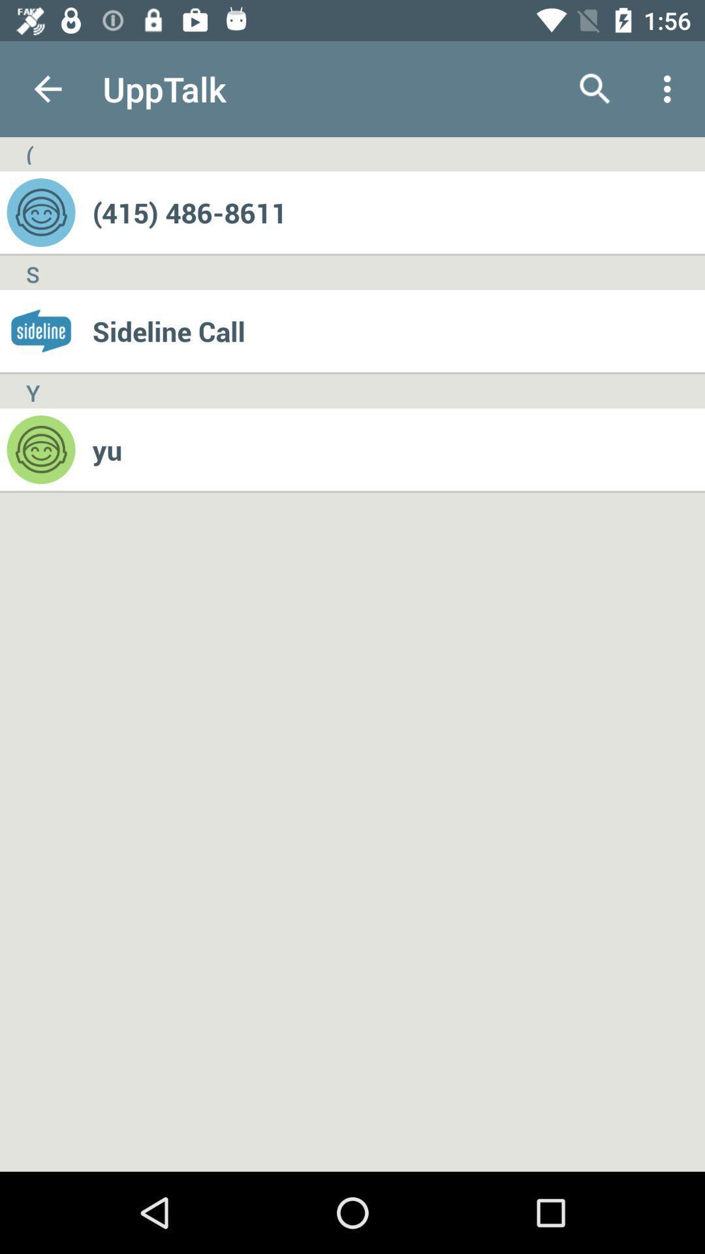  I want to click on sideline call item, so click(398, 331).